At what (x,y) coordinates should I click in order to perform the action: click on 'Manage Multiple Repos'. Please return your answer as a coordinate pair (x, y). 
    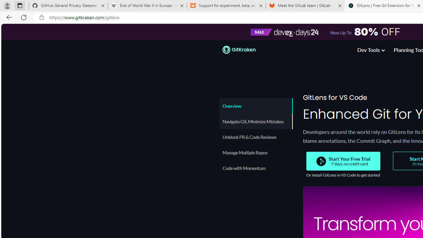
    Looking at the image, I should click on (255, 152).